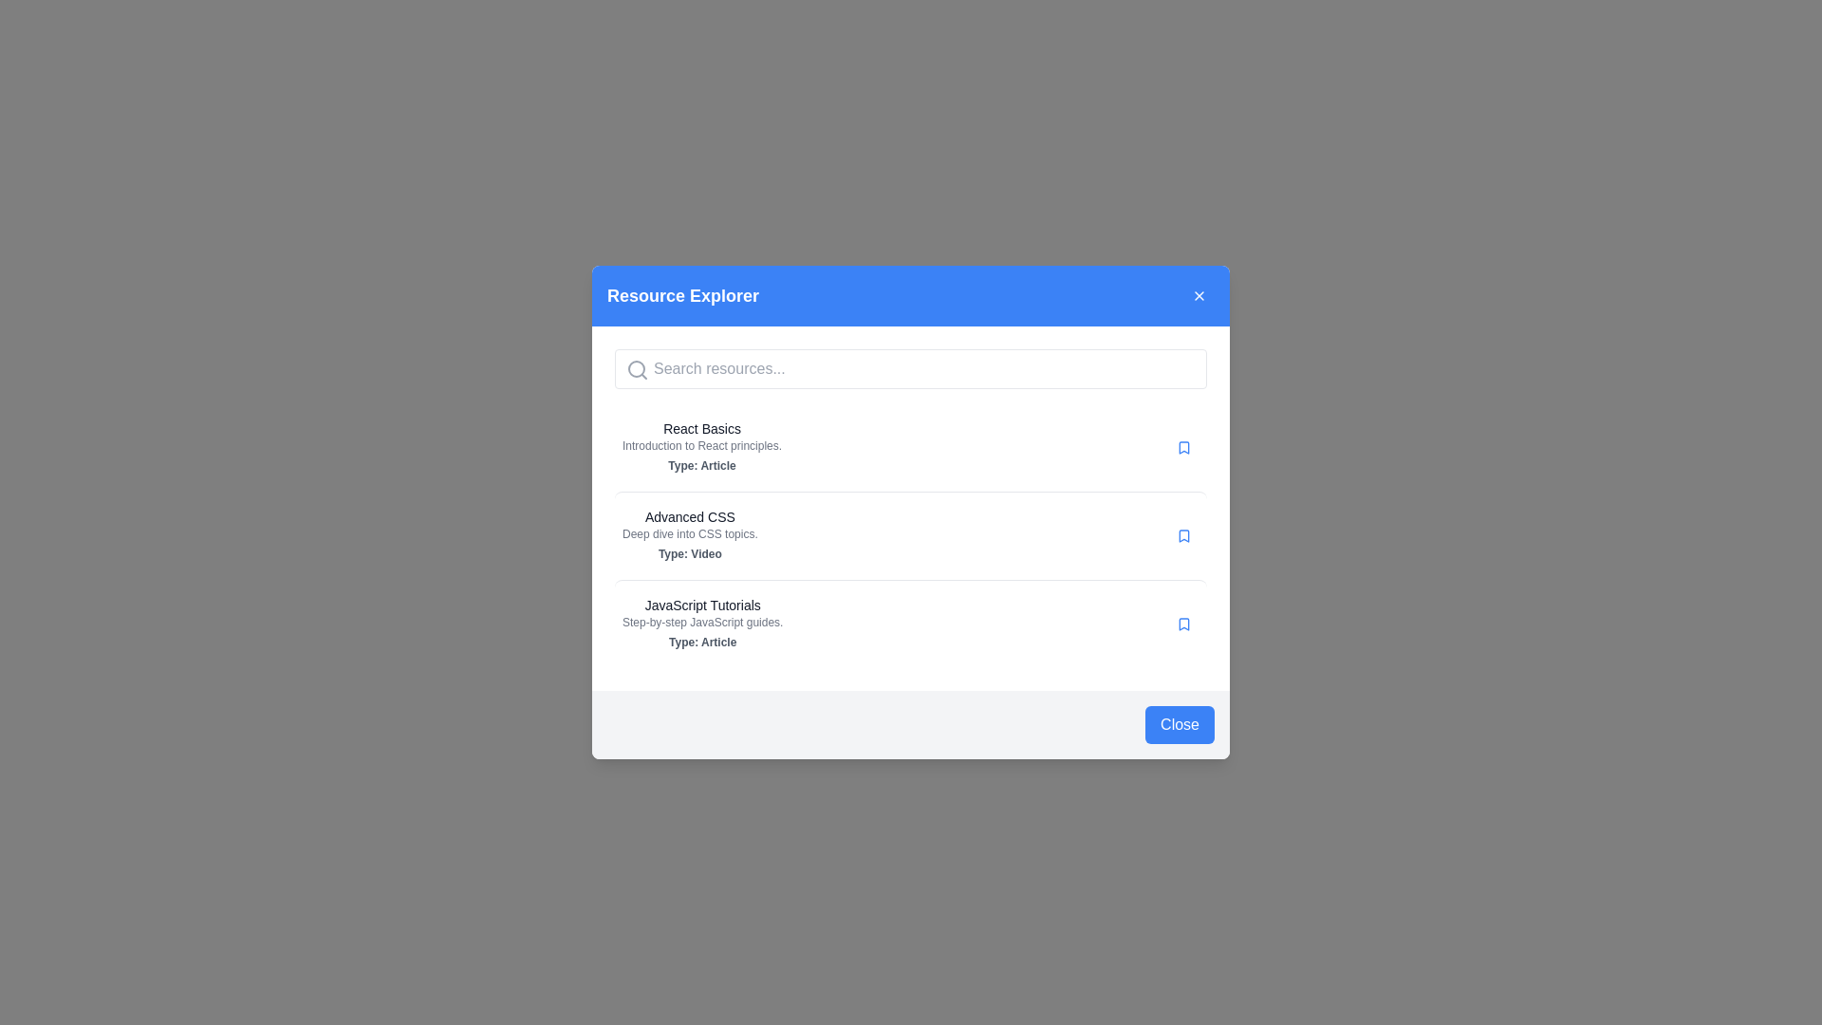 This screenshot has height=1025, width=1822. Describe the element at coordinates (637, 369) in the screenshot. I see `the circular outline of the magnifying glass icon, which is part of the search functionality located at the top of the modal dialog` at that location.